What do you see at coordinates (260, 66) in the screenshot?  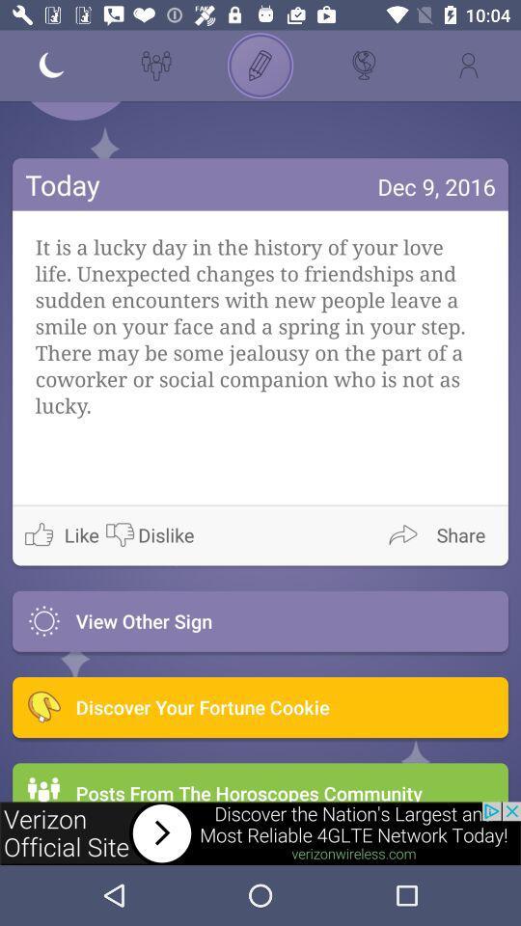 I see `icon page` at bounding box center [260, 66].